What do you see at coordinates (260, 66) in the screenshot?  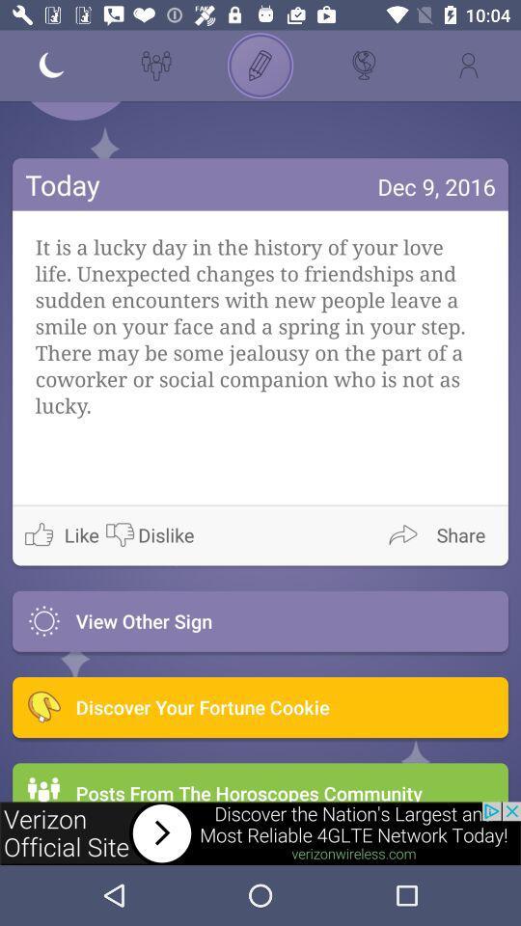 I see `icon page` at bounding box center [260, 66].